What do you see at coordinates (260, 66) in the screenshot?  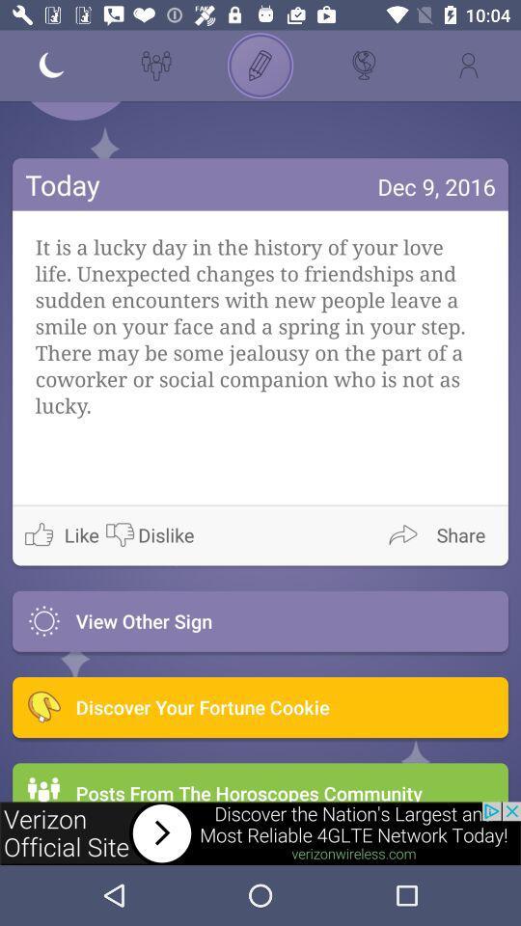 I see `icon page` at bounding box center [260, 66].